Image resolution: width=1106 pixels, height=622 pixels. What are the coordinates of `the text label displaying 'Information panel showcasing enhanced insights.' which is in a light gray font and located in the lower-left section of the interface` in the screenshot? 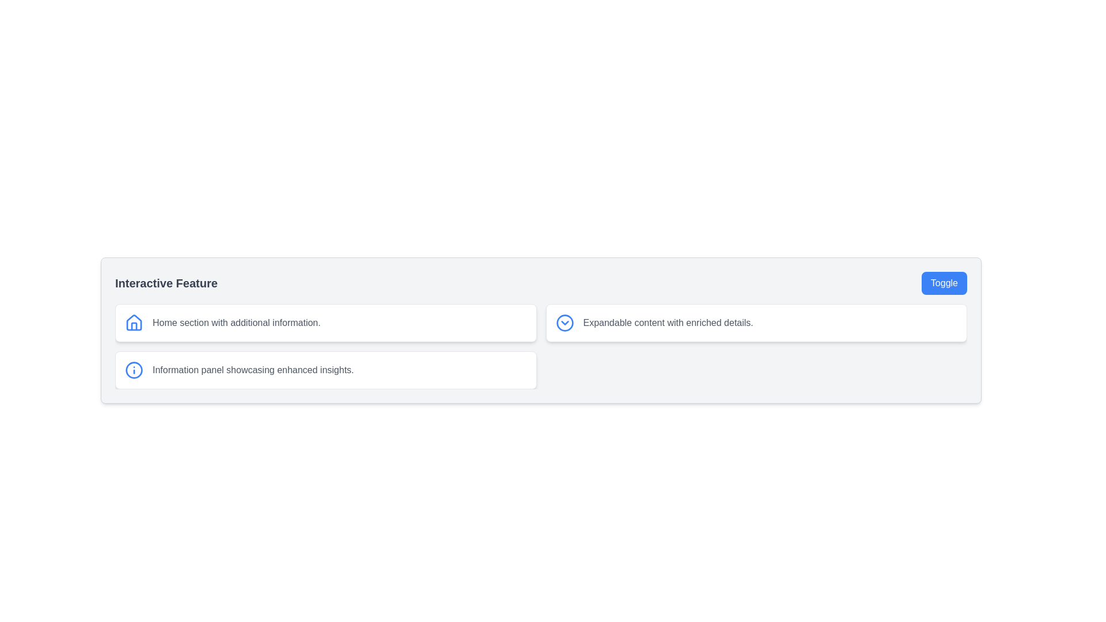 It's located at (252, 370).